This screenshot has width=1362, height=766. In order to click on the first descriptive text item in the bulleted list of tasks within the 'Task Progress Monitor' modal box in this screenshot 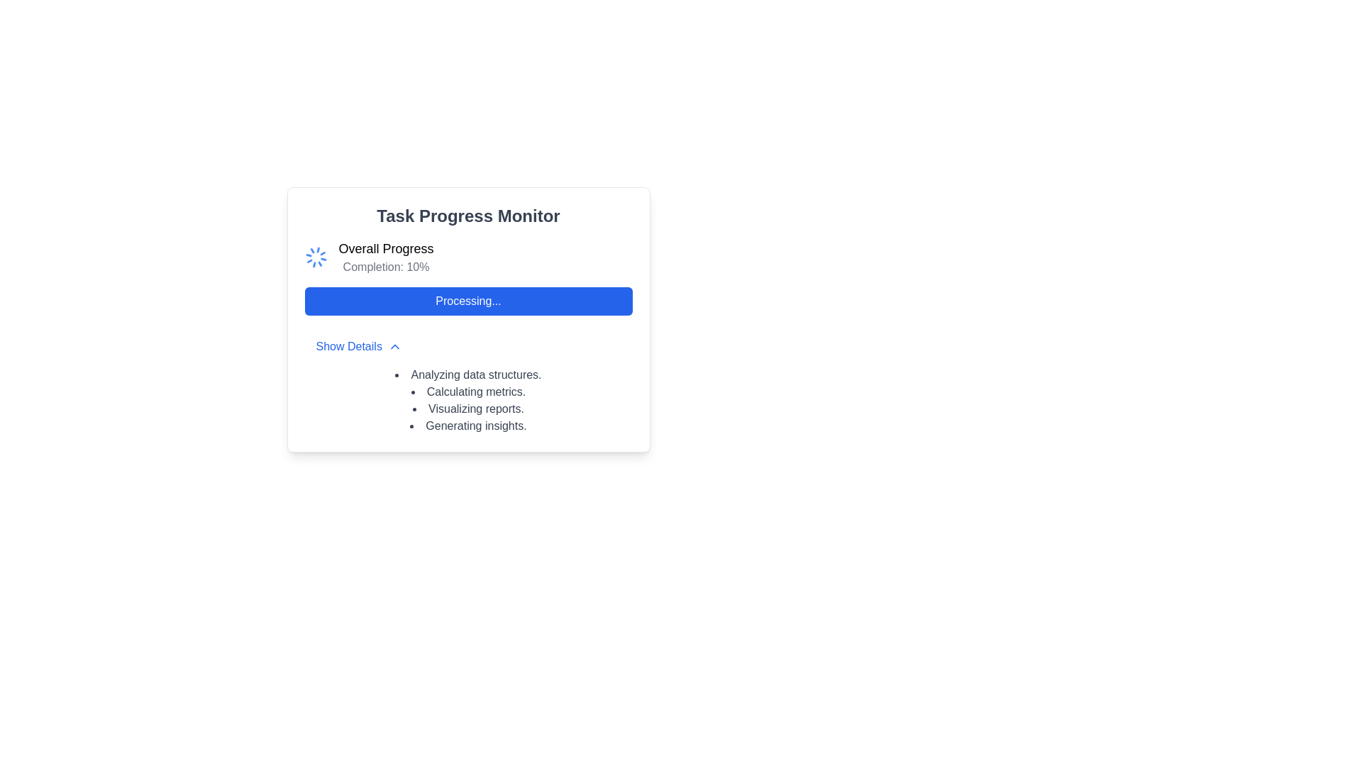, I will do `click(468, 374)`.